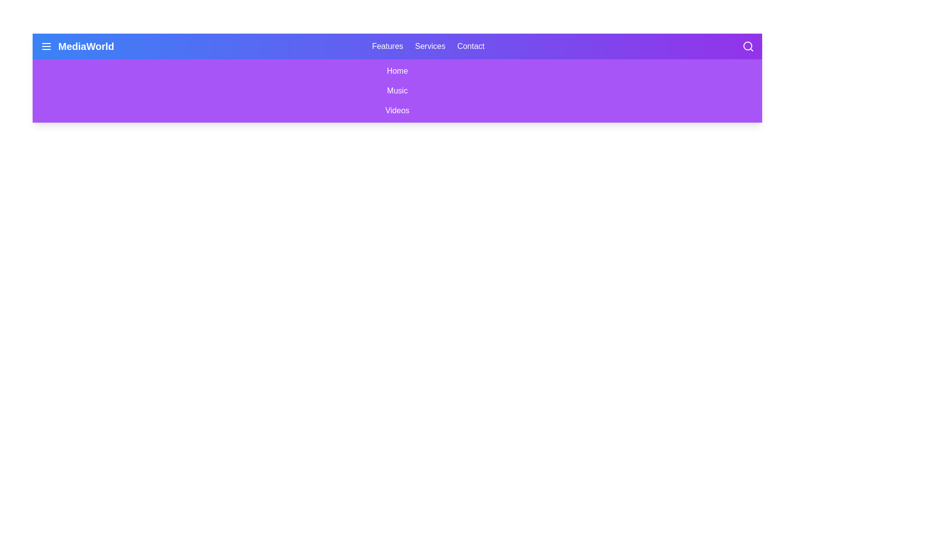 The height and width of the screenshot is (534, 949). I want to click on the magnifying glass icon located at the far right of the navigation bar, so click(748, 46).